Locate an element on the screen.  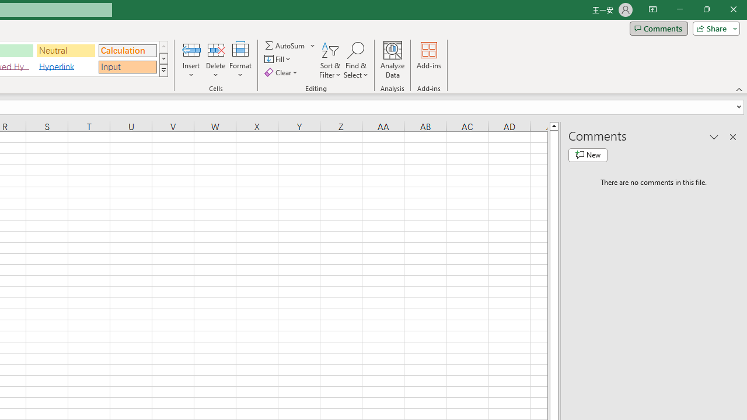
'Neutral' is located at coordinates (65, 50).